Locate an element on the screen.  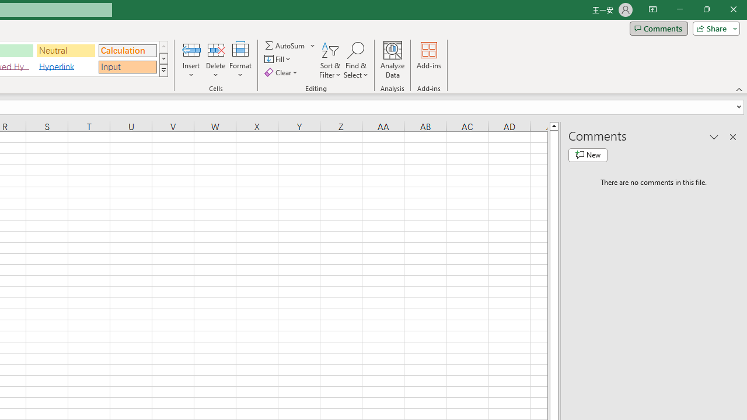
'Neutral' is located at coordinates (65, 50).